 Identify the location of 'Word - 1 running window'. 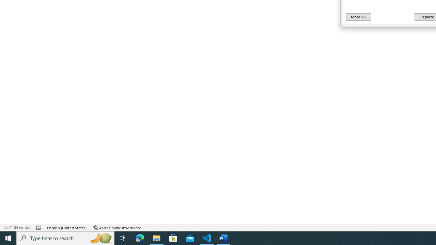
(223, 238).